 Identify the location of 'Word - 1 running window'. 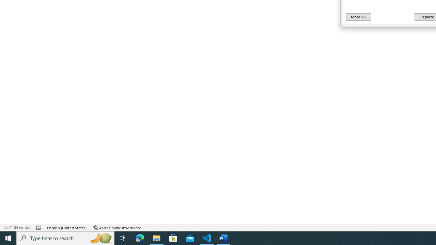
(223, 238).